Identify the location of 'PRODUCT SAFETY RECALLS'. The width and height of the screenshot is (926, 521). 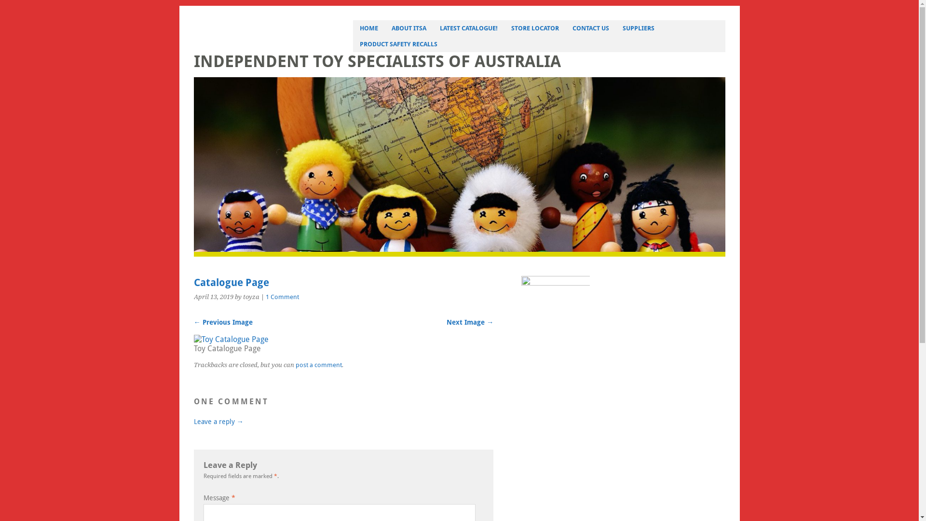
(352, 44).